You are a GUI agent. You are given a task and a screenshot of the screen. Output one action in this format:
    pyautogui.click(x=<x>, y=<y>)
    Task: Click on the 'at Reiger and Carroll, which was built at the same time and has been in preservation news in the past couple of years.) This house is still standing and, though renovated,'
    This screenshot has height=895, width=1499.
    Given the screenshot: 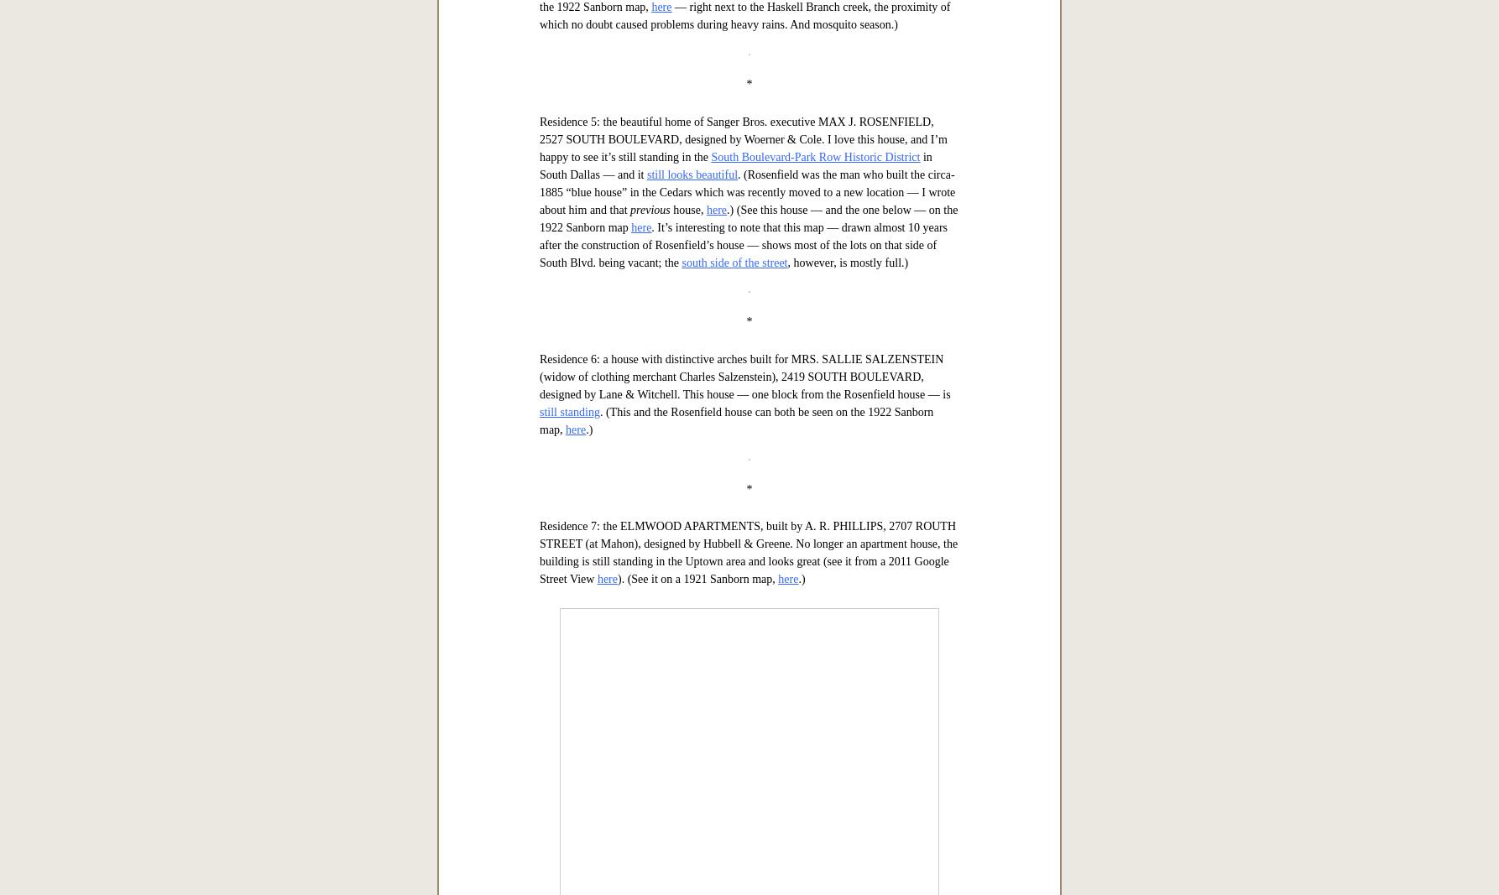 What is the action you would take?
    pyautogui.click(x=740, y=481)
    